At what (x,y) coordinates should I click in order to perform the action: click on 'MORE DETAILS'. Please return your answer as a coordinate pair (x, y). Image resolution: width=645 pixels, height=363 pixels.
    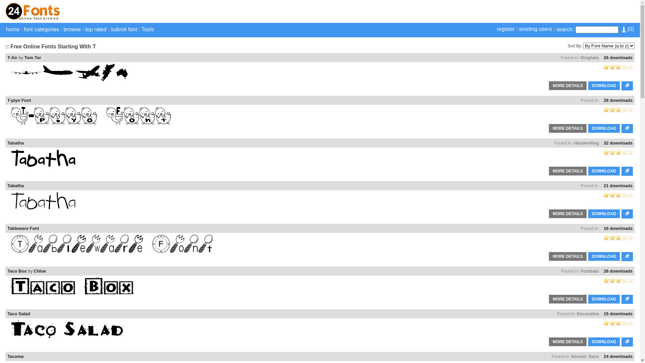
    Looking at the image, I should click on (553, 214).